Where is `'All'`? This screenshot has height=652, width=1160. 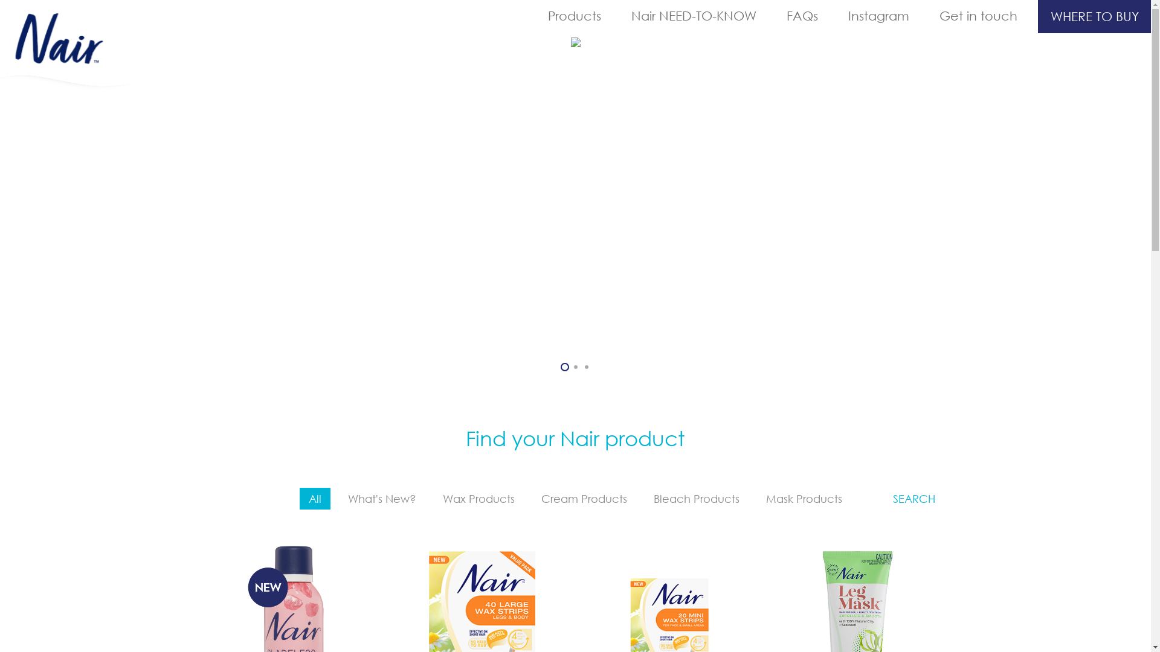 'All' is located at coordinates (299, 498).